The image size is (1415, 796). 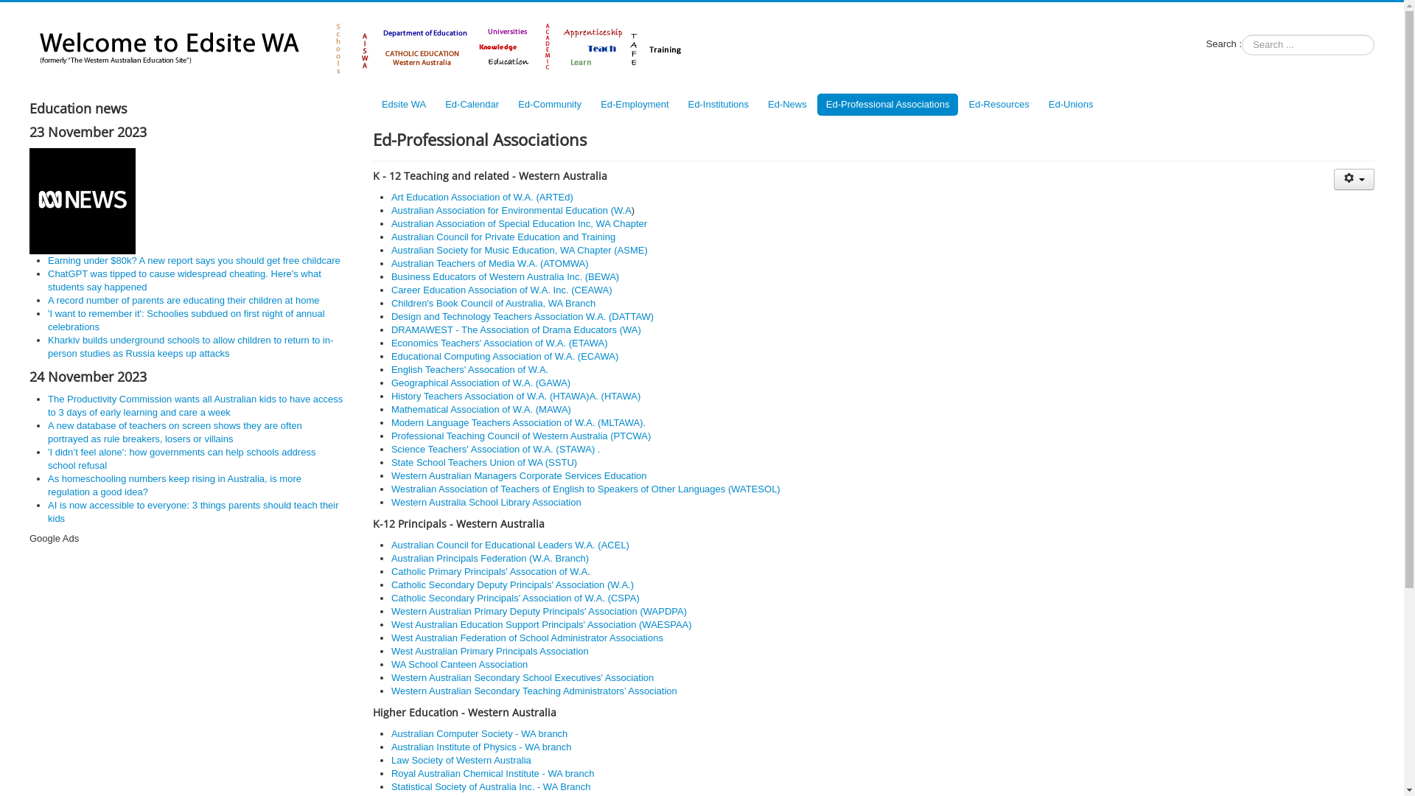 What do you see at coordinates (460, 760) in the screenshot?
I see `'Law Society of Western Australia'` at bounding box center [460, 760].